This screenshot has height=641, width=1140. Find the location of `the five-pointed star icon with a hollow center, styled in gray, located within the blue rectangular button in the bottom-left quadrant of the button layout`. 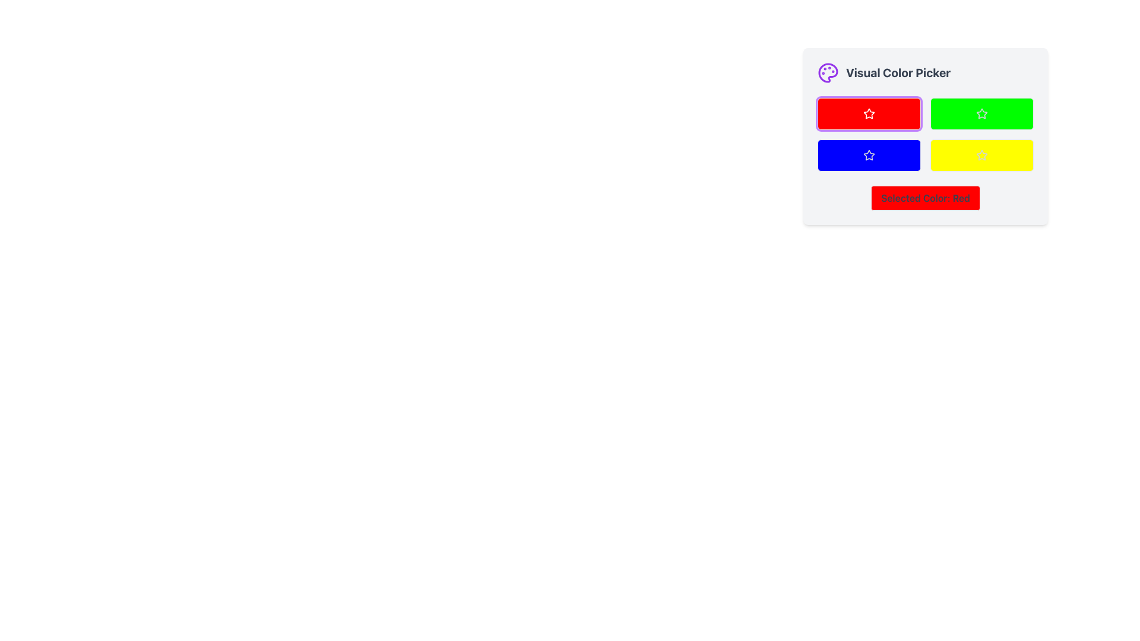

the five-pointed star icon with a hollow center, styled in gray, located within the blue rectangular button in the bottom-left quadrant of the button layout is located at coordinates (869, 154).